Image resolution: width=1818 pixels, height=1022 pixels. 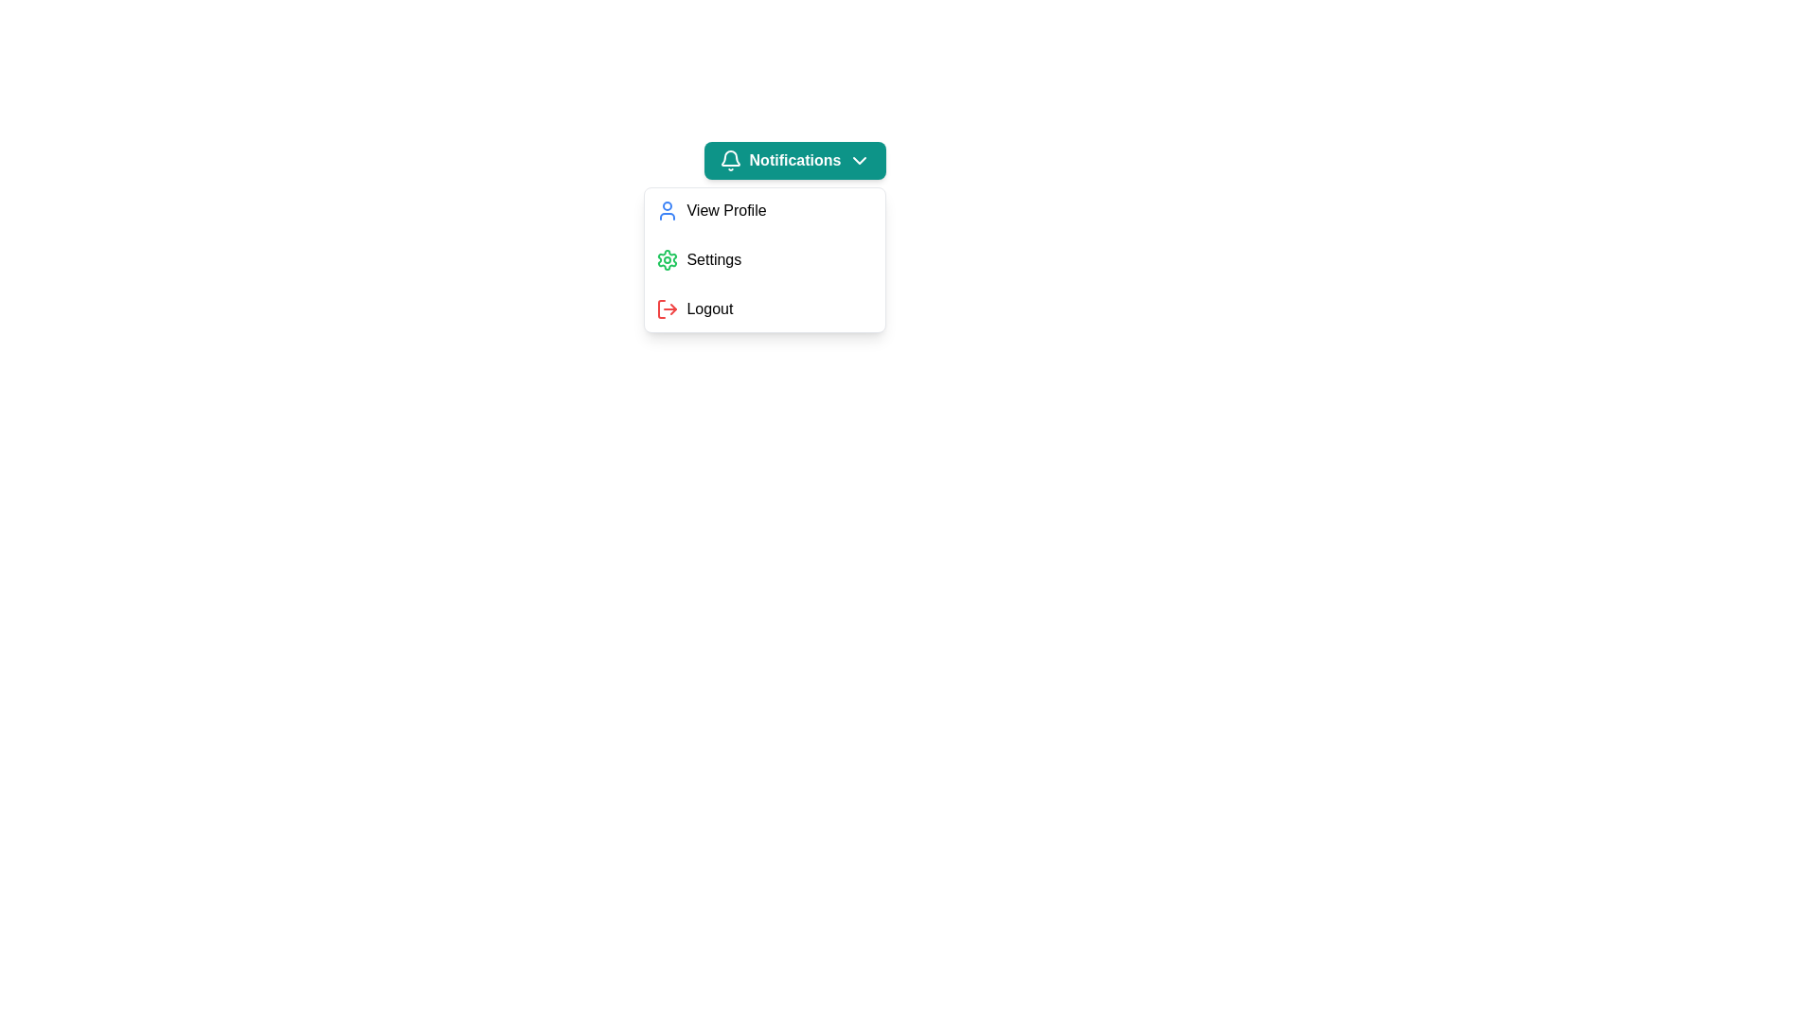 What do you see at coordinates (765, 259) in the screenshot?
I see `the menu option Settings` at bounding box center [765, 259].